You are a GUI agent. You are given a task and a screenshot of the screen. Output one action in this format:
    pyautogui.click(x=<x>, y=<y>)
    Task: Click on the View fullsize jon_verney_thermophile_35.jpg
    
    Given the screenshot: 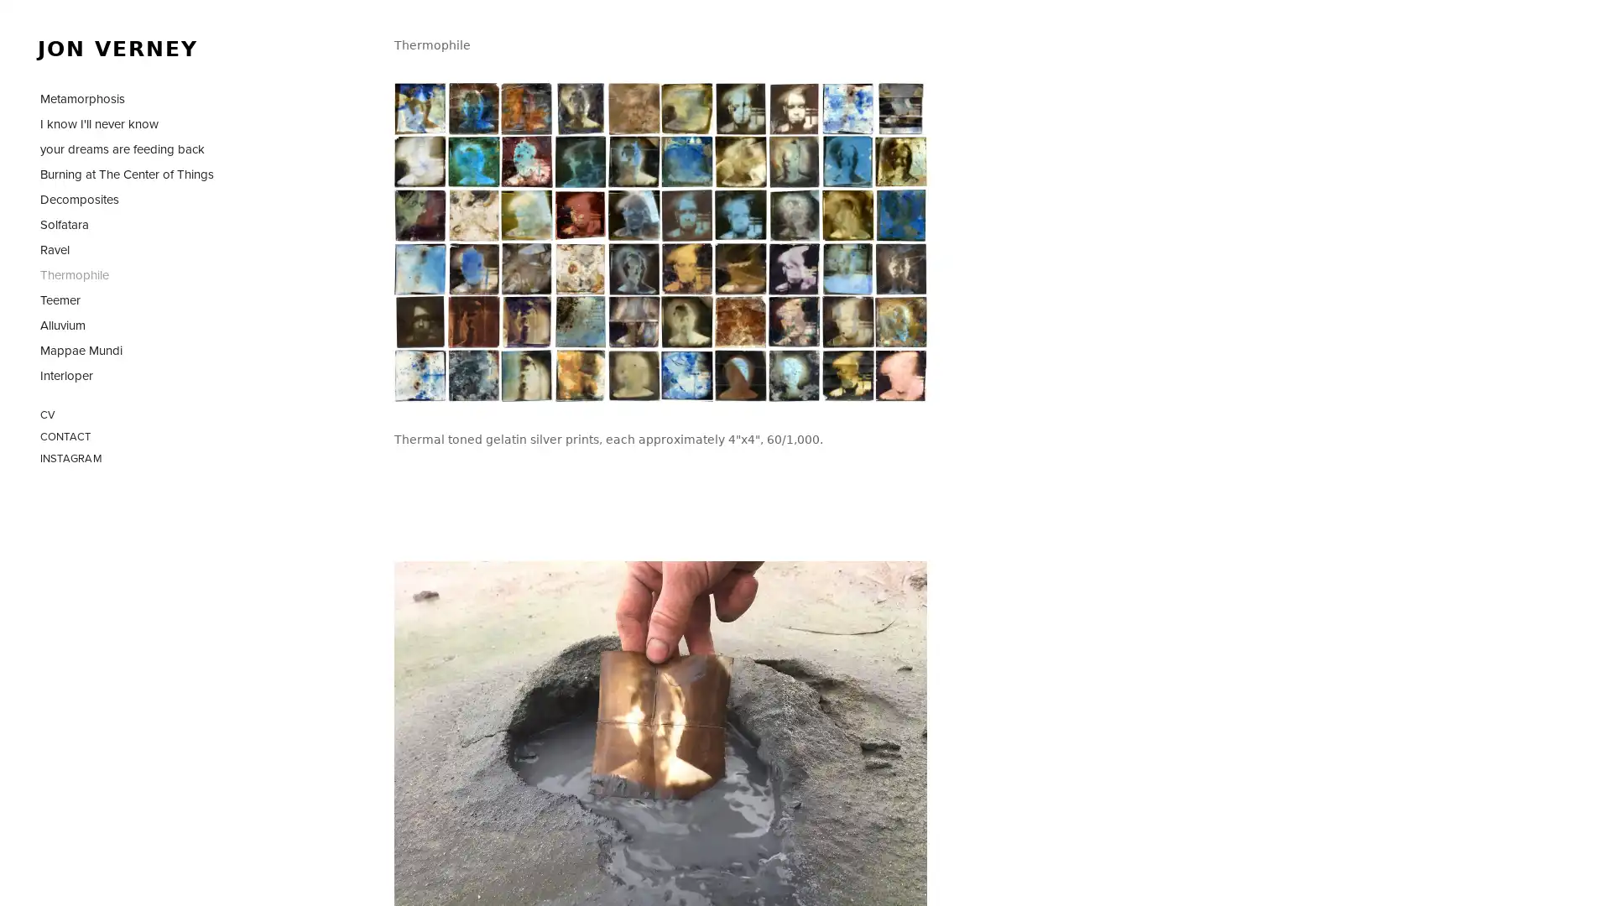 What is the action you would take?
    pyautogui.click(x=580, y=107)
    